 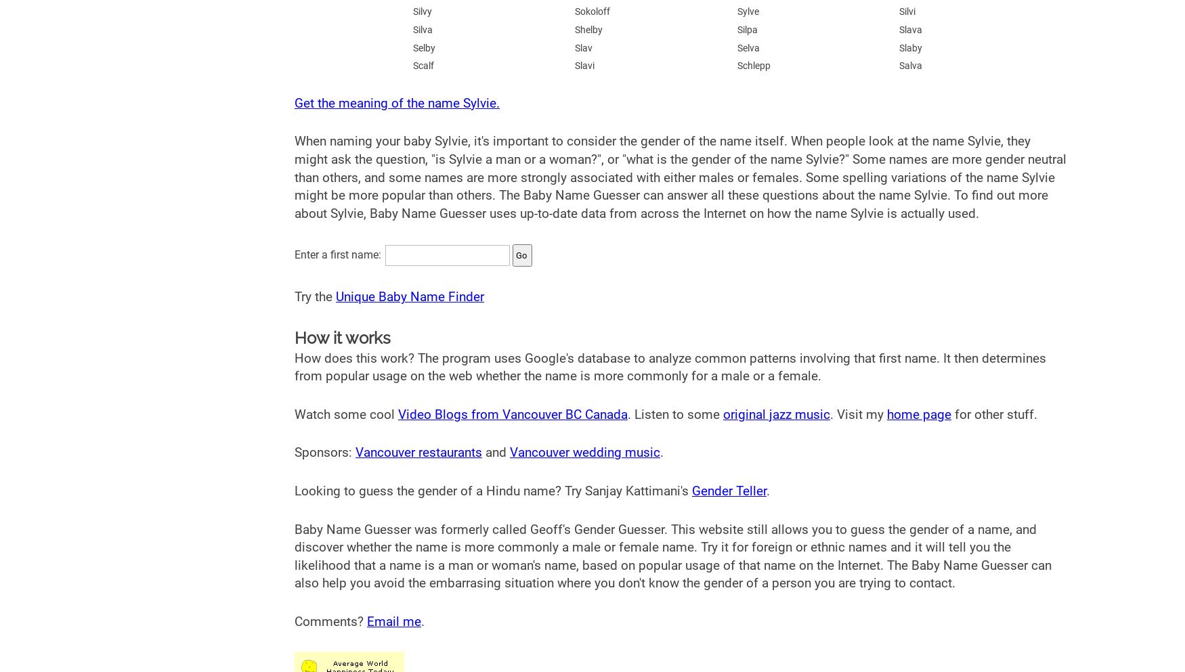 What do you see at coordinates (748, 47) in the screenshot?
I see `'Selva'` at bounding box center [748, 47].